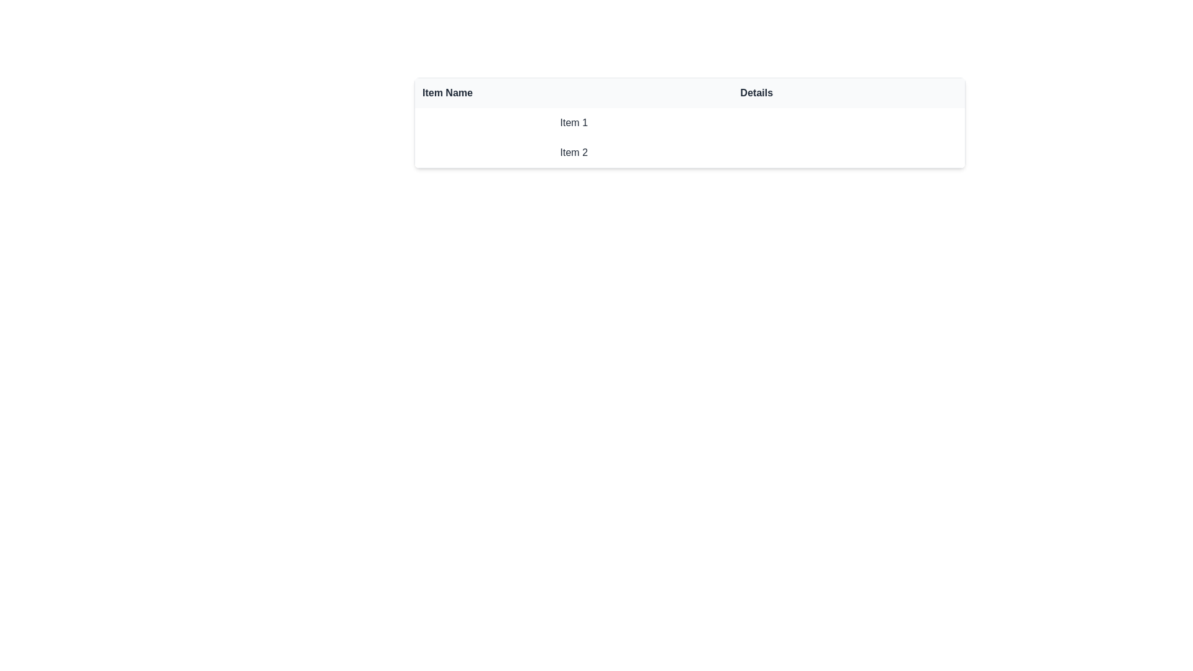 Image resolution: width=1193 pixels, height=671 pixels. Describe the element at coordinates (848, 152) in the screenshot. I see `the rectangular placeholder located in the 'Details' column of the second row labeled 'Item 2' in the table` at that location.